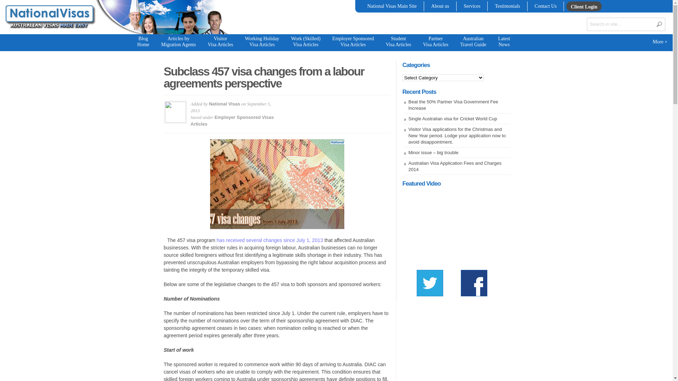 This screenshot has width=678, height=381. What do you see at coordinates (440, 6) in the screenshot?
I see `'About us'` at bounding box center [440, 6].